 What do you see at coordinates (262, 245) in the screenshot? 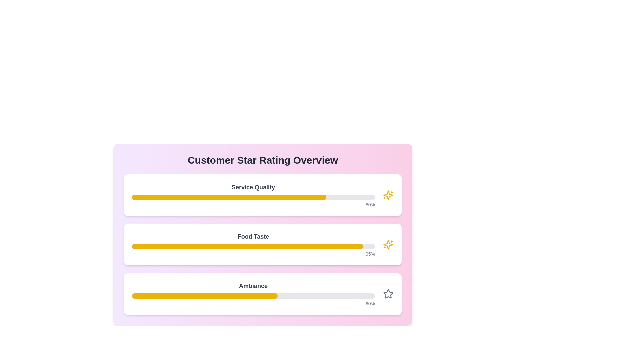
I see `the Rating Card that displays 'Food Taste' with a yellow progress bar indicating a score of '95%' in the 'Customer Star Rating Overview' section` at bounding box center [262, 245].